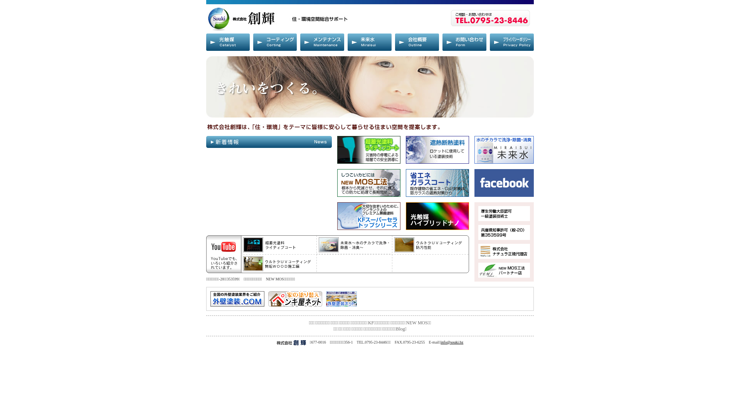 The image size is (740, 416). I want to click on 'info@souki.bz', so click(452, 342).